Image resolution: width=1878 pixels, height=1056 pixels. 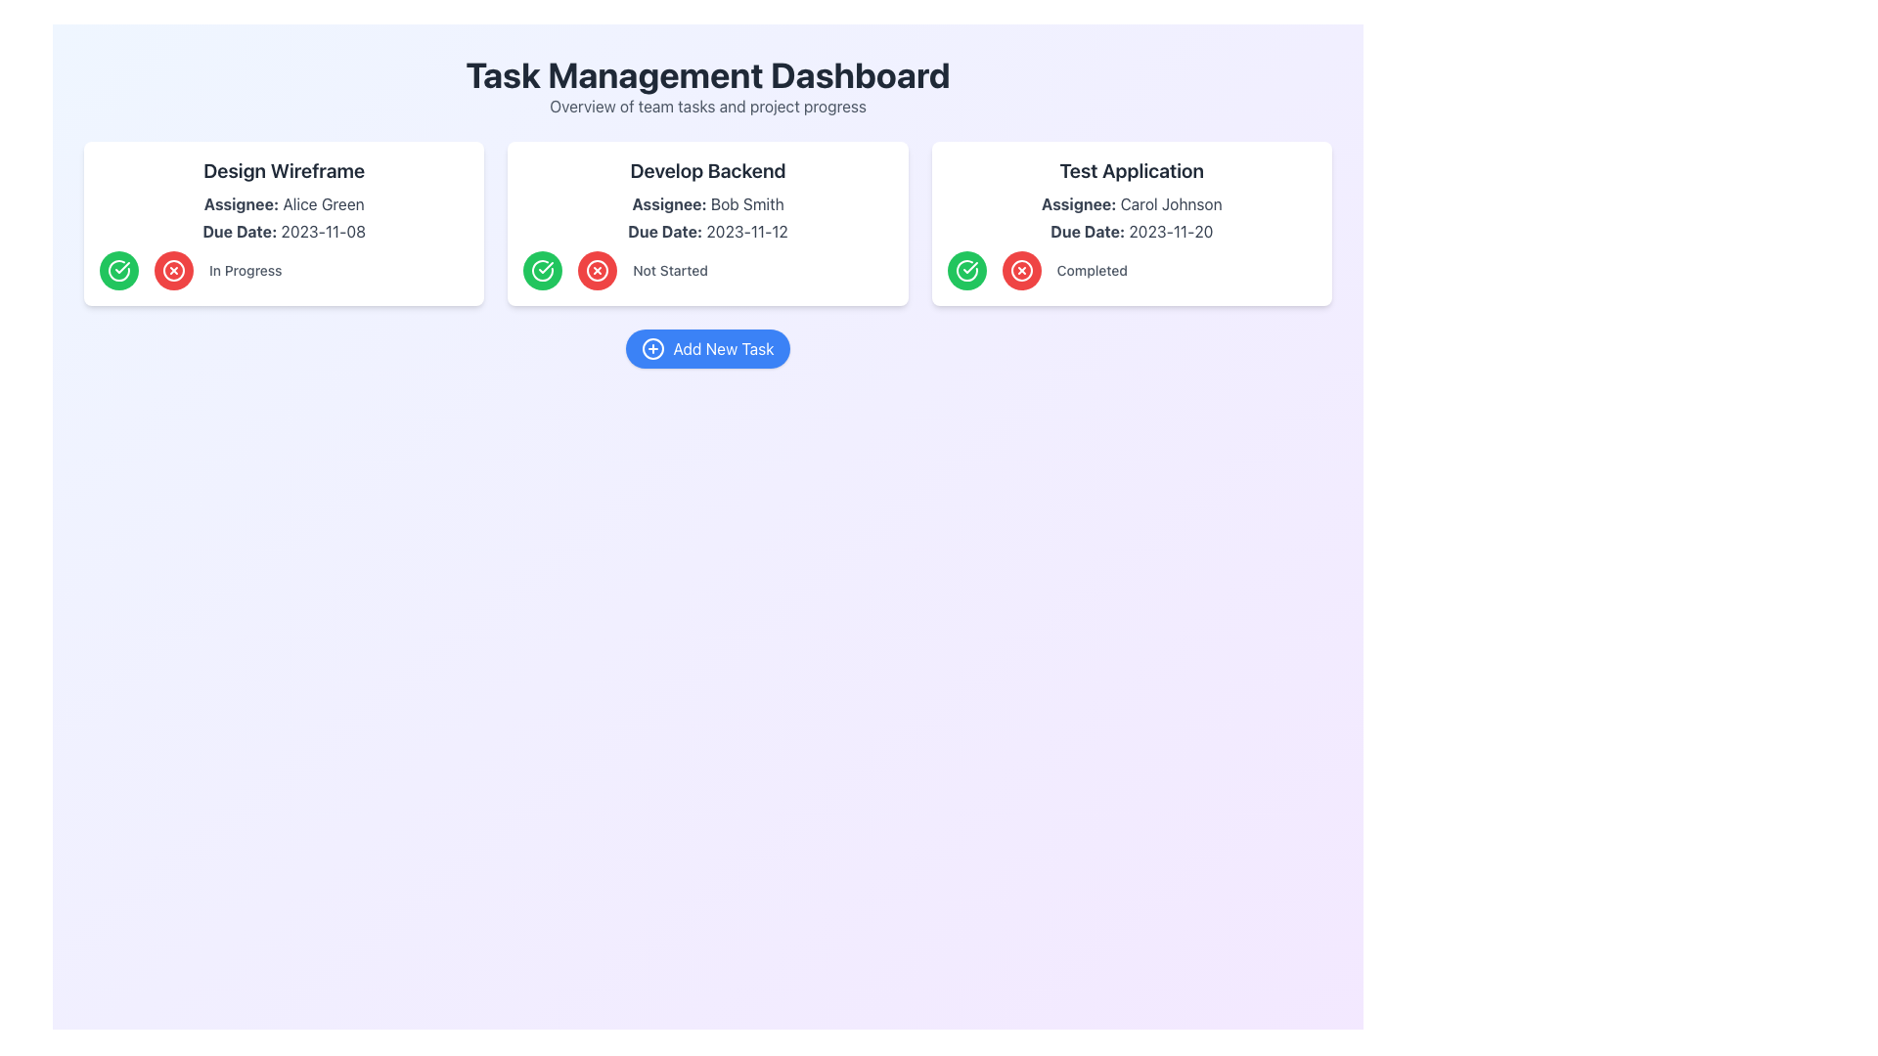 I want to click on the leftmost button in the 'Design Wireframe' card to mark the task as complete or in progress, so click(x=117, y=271).